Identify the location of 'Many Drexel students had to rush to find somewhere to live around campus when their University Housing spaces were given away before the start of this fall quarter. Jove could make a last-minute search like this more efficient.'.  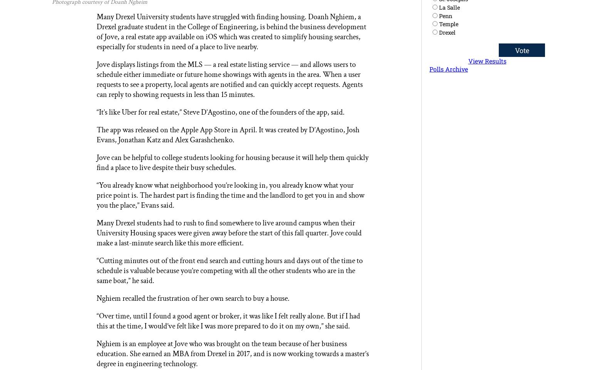
(228, 232).